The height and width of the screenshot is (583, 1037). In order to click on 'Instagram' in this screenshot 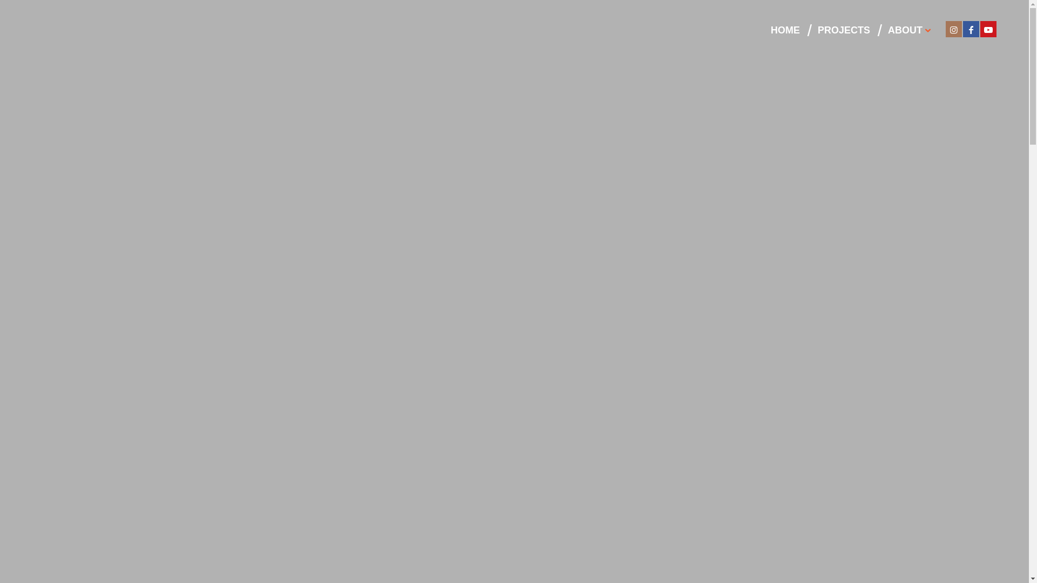, I will do `click(954, 29)`.